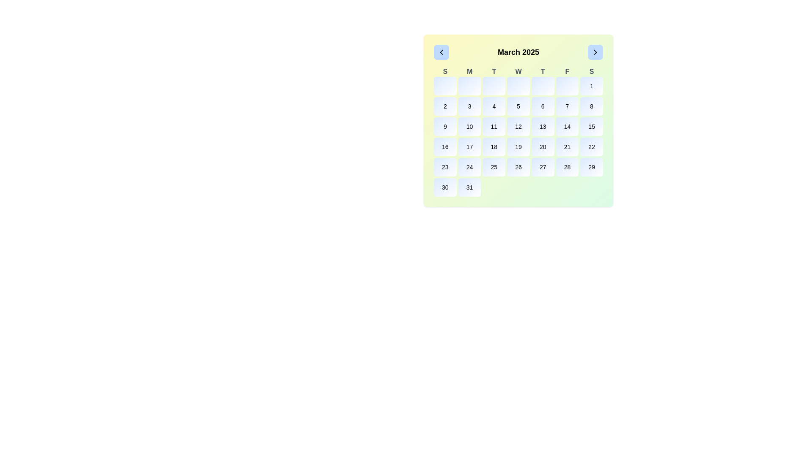 This screenshot has width=812, height=456. What do you see at coordinates (444, 167) in the screenshot?
I see `the selectable date button for the date '23' in the calendar interface` at bounding box center [444, 167].